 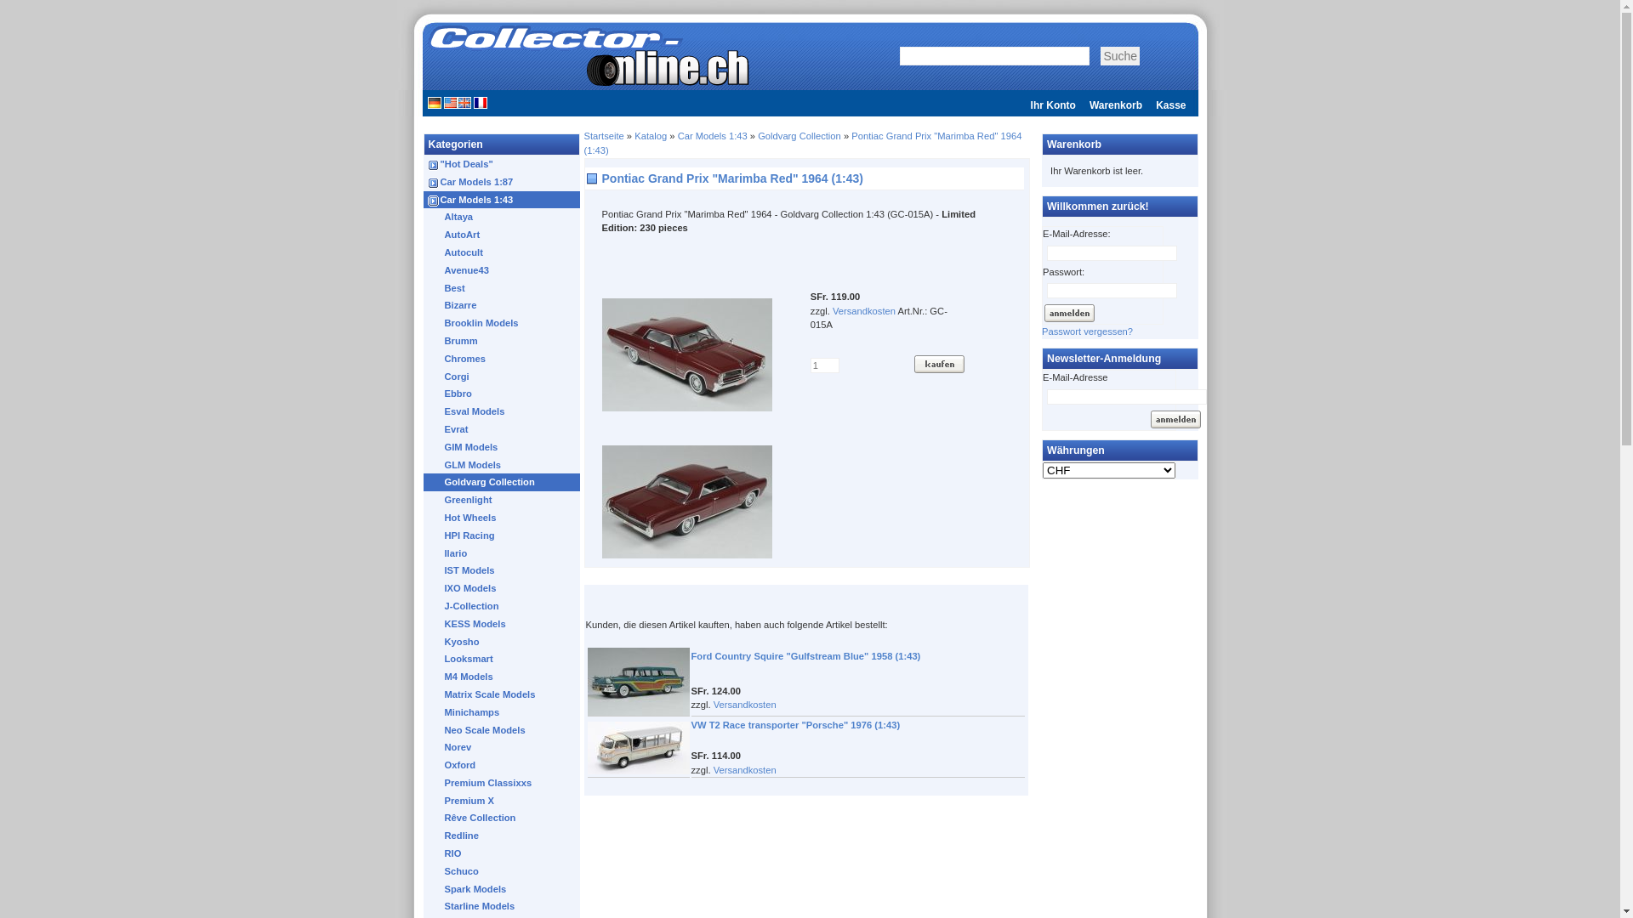 I want to click on 'Suche', so click(x=1101, y=54).